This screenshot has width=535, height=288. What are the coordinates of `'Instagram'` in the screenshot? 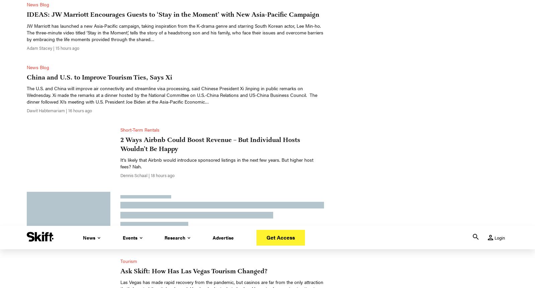 It's located at (298, 260).